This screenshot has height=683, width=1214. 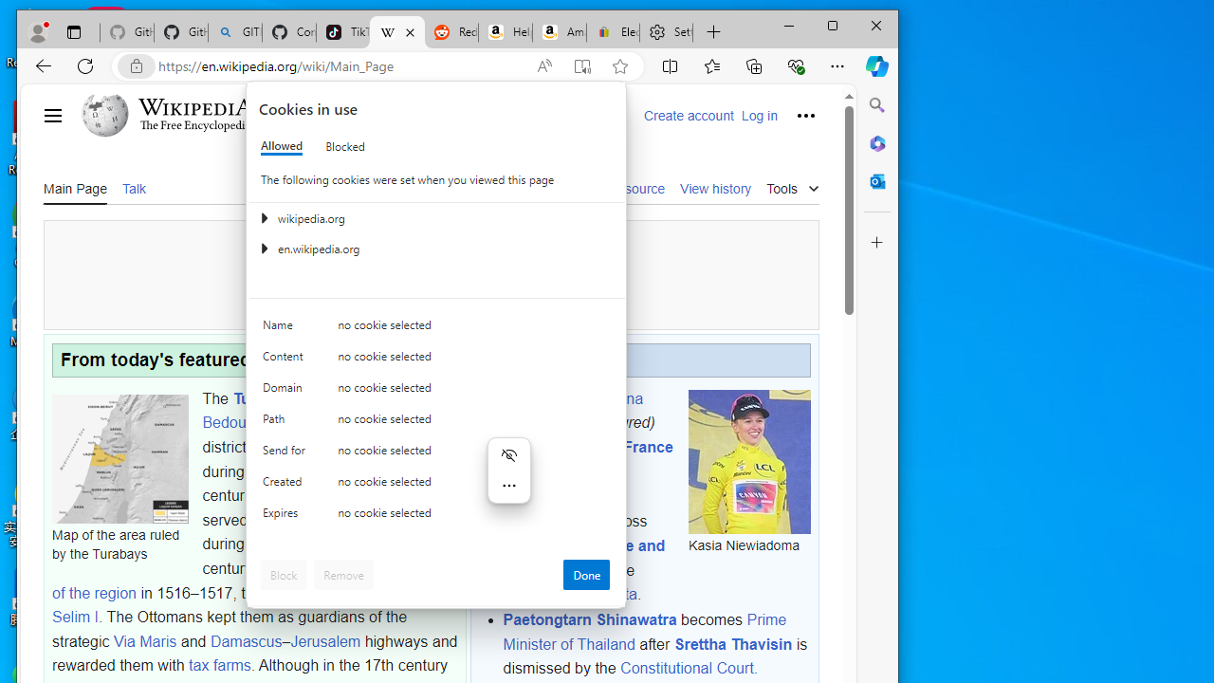 I want to click on 'Mini menu on text selection', so click(x=508, y=480).